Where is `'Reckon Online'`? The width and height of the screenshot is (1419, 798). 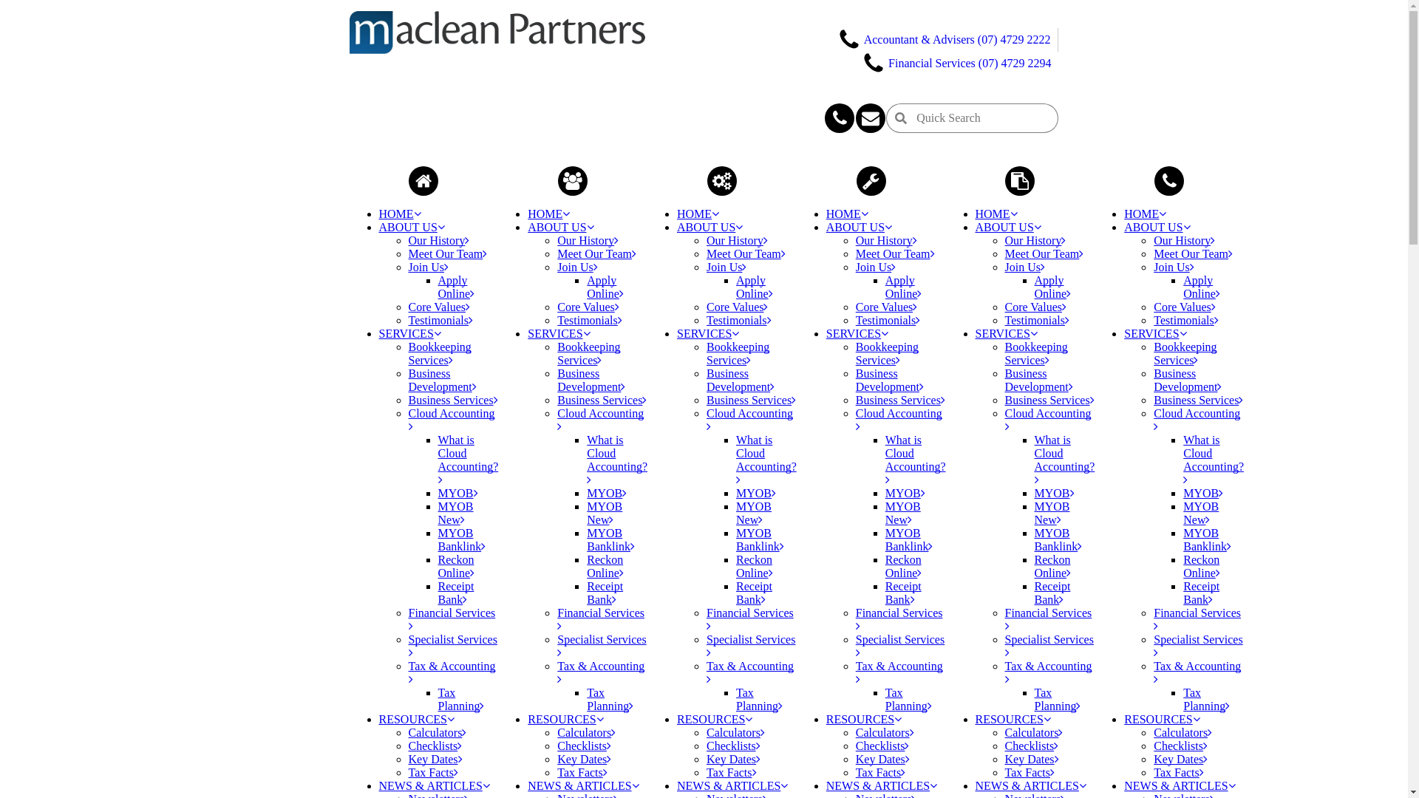
'Reckon Online' is located at coordinates (455, 565).